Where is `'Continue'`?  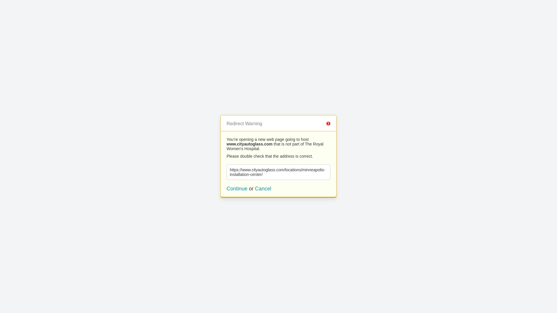 'Continue' is located at coordinates (237, 189).